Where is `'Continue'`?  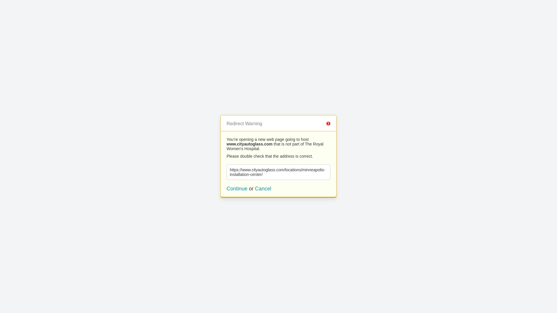 'Continue' is located at coordinates (237, 189).